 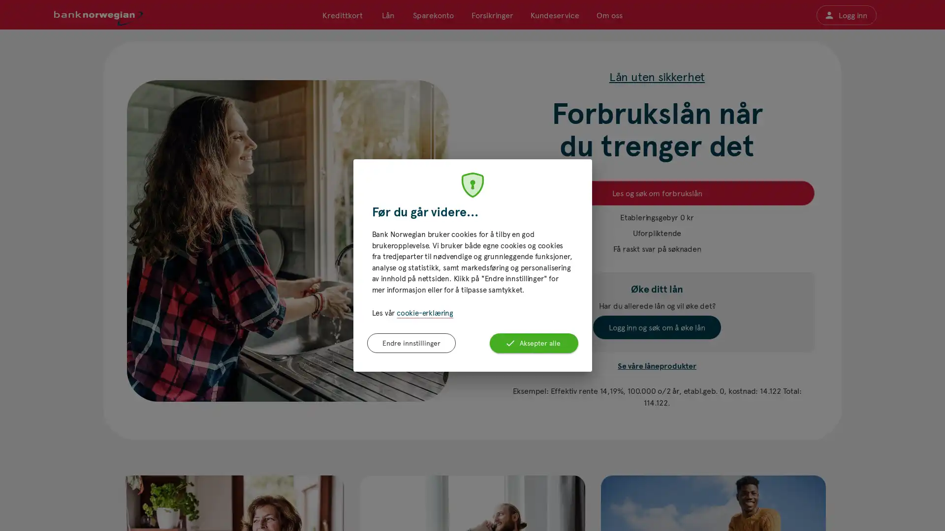 I want to click on Endre innstillinger, so click(x=411, y=342).